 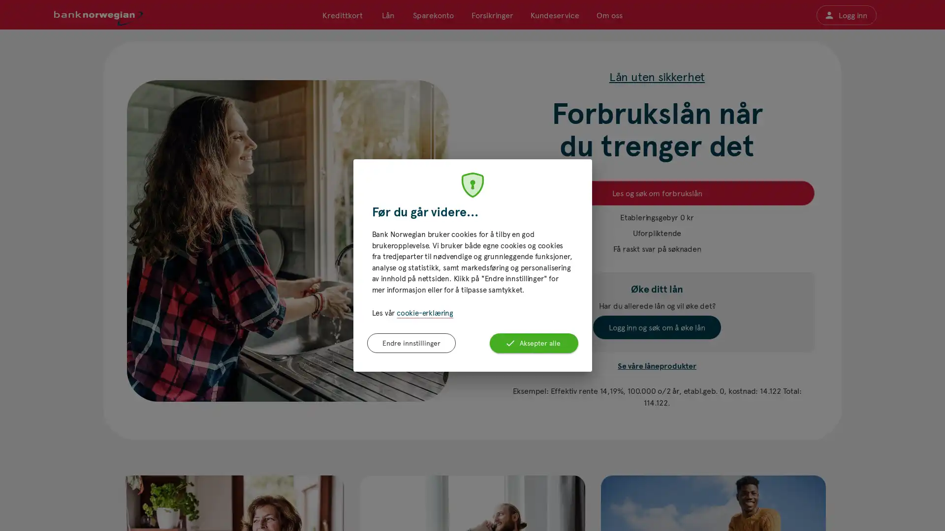 I want to click on Endre innstillinger, so click(x=411, y=342).